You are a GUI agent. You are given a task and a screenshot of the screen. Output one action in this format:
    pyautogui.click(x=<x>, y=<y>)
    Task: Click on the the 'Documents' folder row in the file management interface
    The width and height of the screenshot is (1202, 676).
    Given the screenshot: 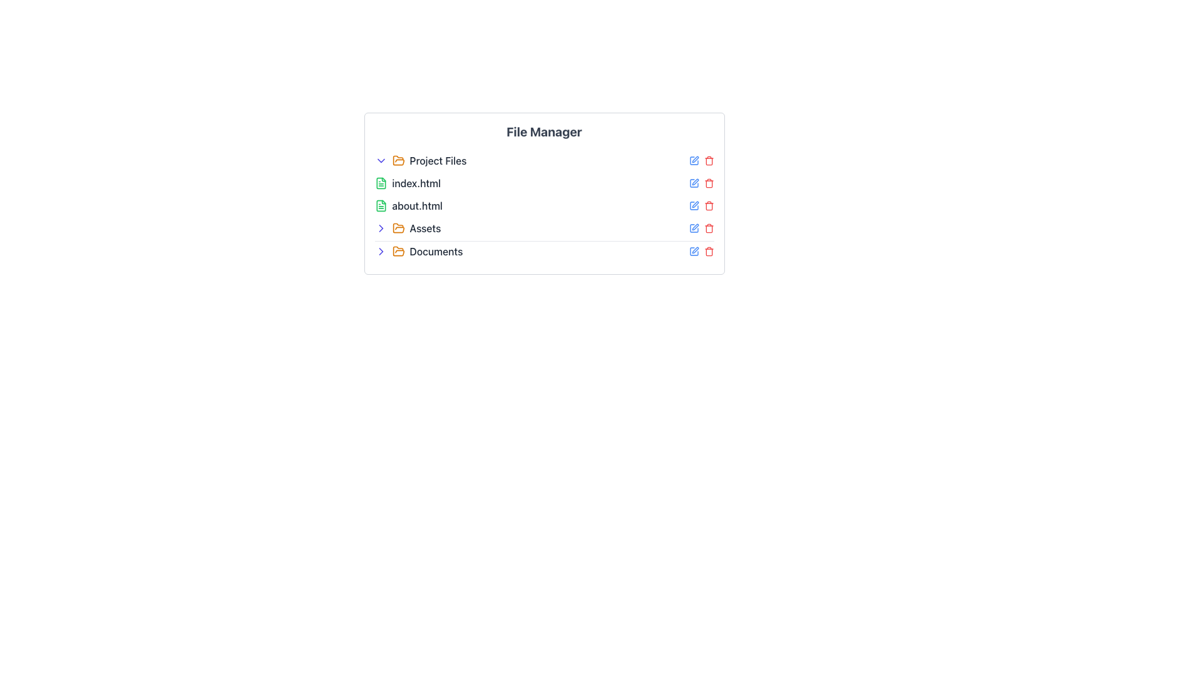 What is the action you would take?
    pyautogui.click(x=544, y=251)
    